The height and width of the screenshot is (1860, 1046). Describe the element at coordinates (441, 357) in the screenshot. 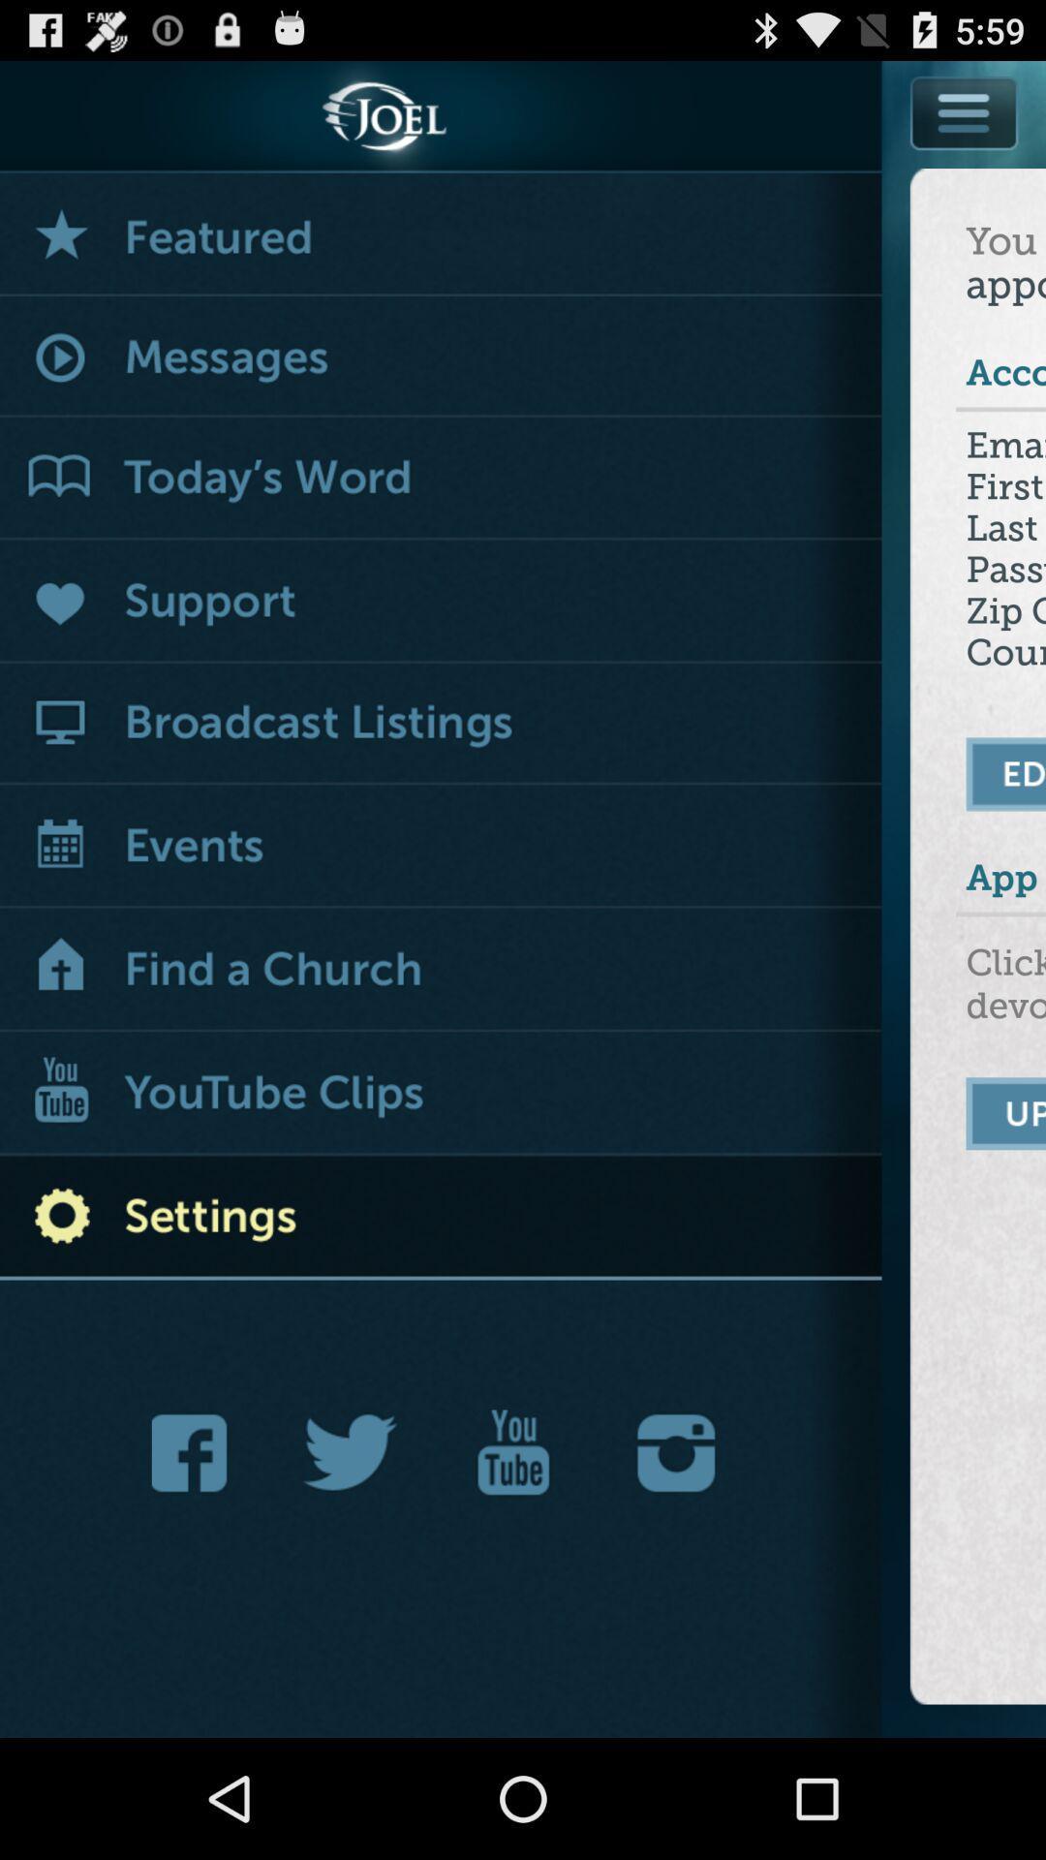

I see `see new messages` at that location.